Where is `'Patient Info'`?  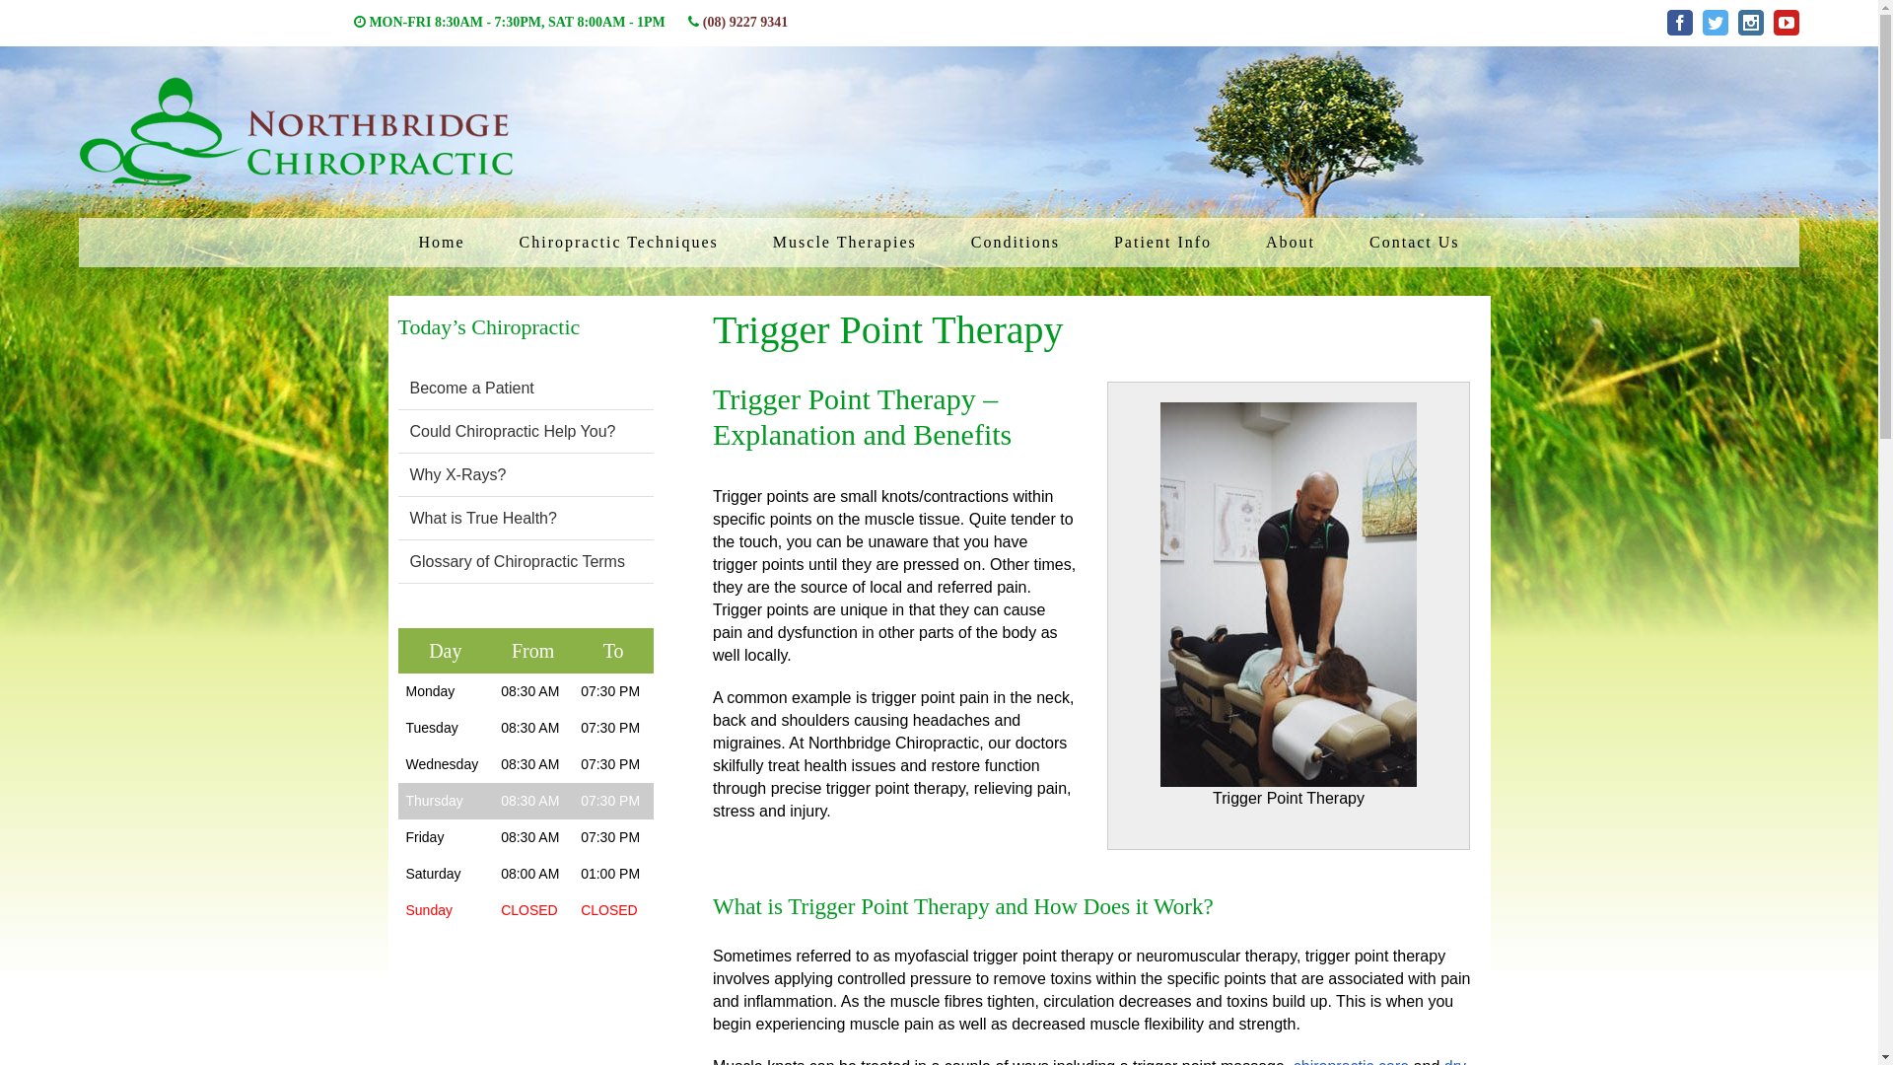
'Patient Info' is located at coordinates (1097, 242).